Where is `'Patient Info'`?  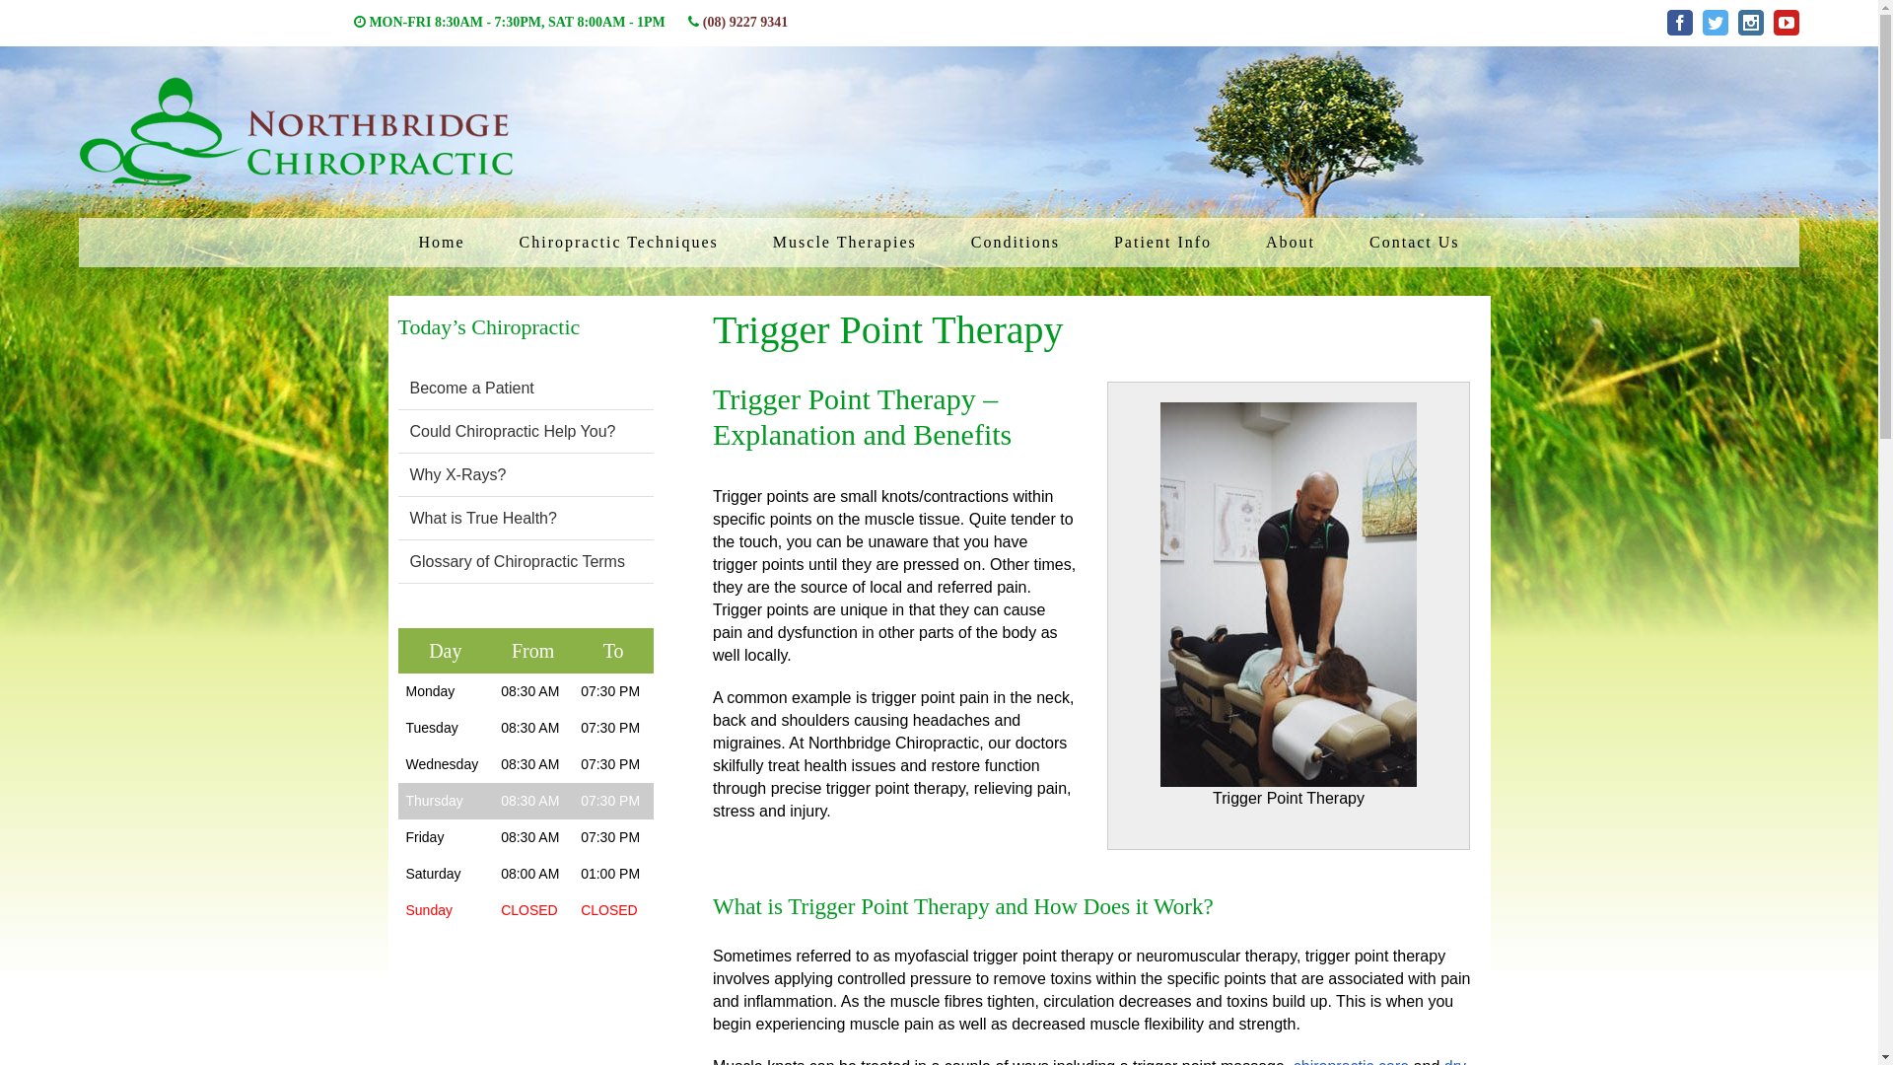
'Patient Info' is located at coordinates (1097, 242).